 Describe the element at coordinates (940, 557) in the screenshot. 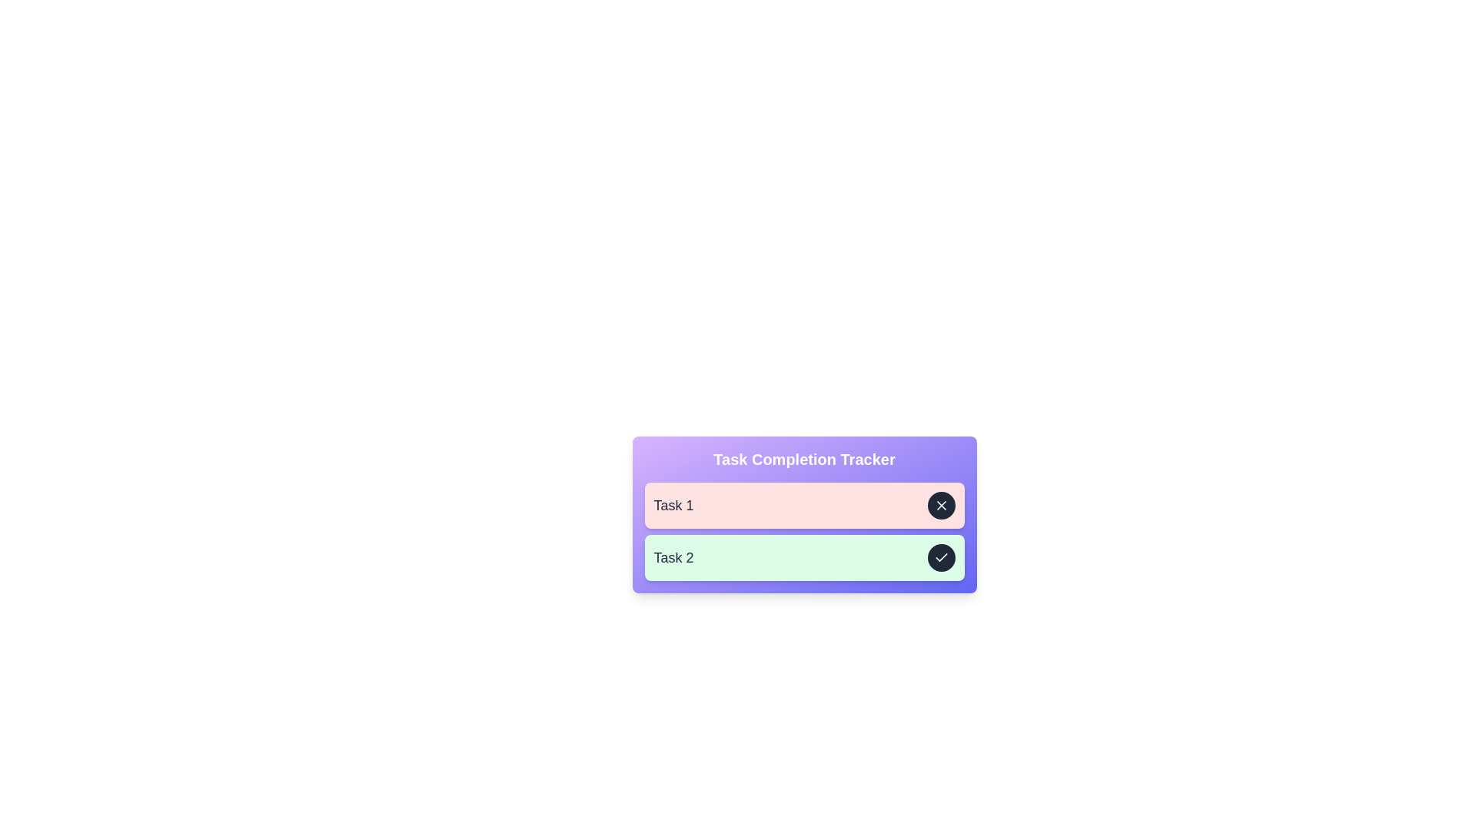

I see `the checkmark icon within the button that signifies task completion for 'Task 2' in the Task Completion Tracker` at that location.